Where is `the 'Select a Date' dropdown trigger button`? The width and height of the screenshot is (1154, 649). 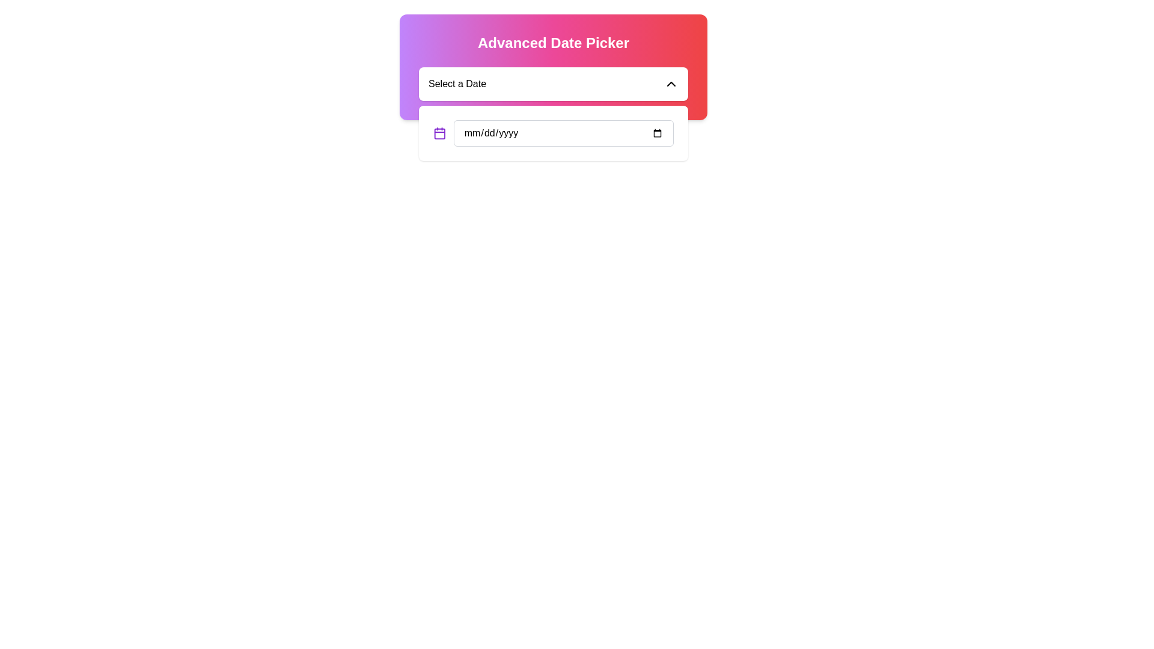 the 'Select a Date' dropdown trigger button is located at coordinates (553, 83).